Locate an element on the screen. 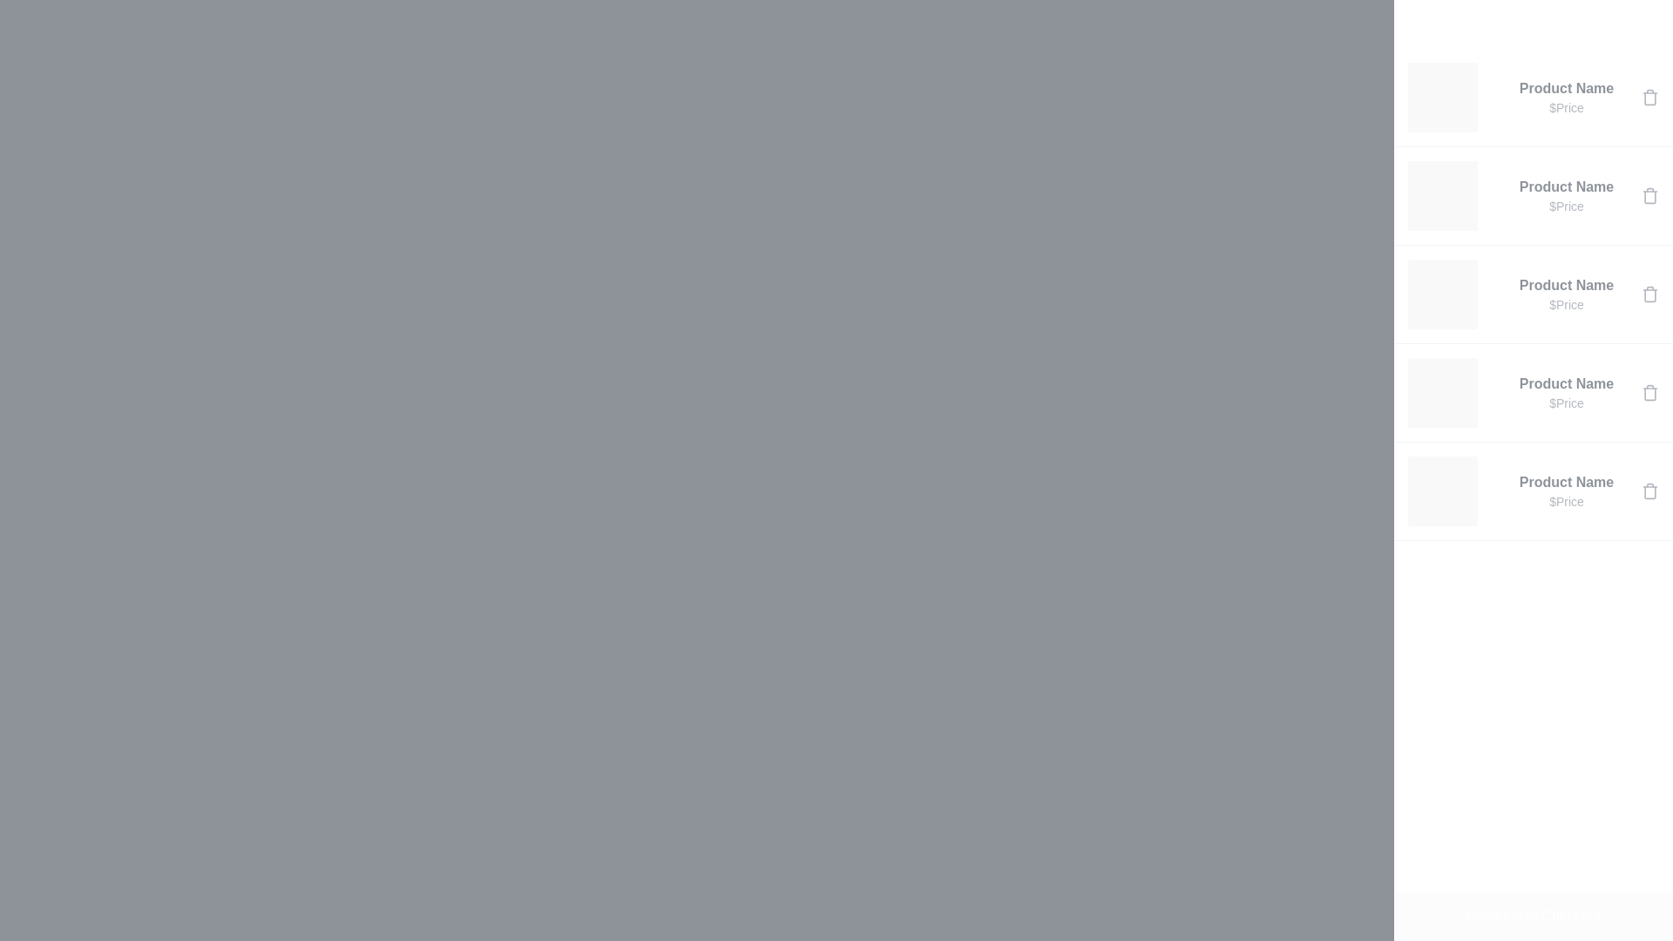  the Text block that provides details about a product, including its name and price, located in the third row of a vertical list beside an image placeholder and a delete icon is located at coordinates (1567, 294).